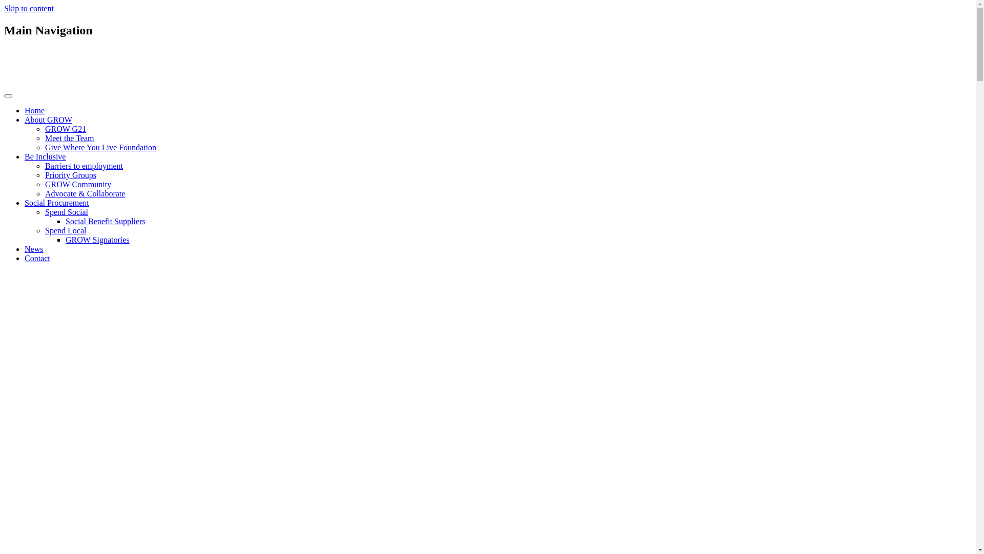  I want to click on 'Social Benefit Suppliers', so click(65, 221).